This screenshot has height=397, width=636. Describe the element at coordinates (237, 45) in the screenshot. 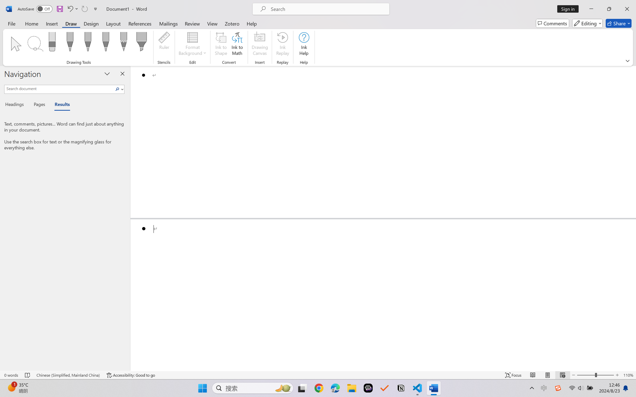

I see `'Ink to Math'` at that location.